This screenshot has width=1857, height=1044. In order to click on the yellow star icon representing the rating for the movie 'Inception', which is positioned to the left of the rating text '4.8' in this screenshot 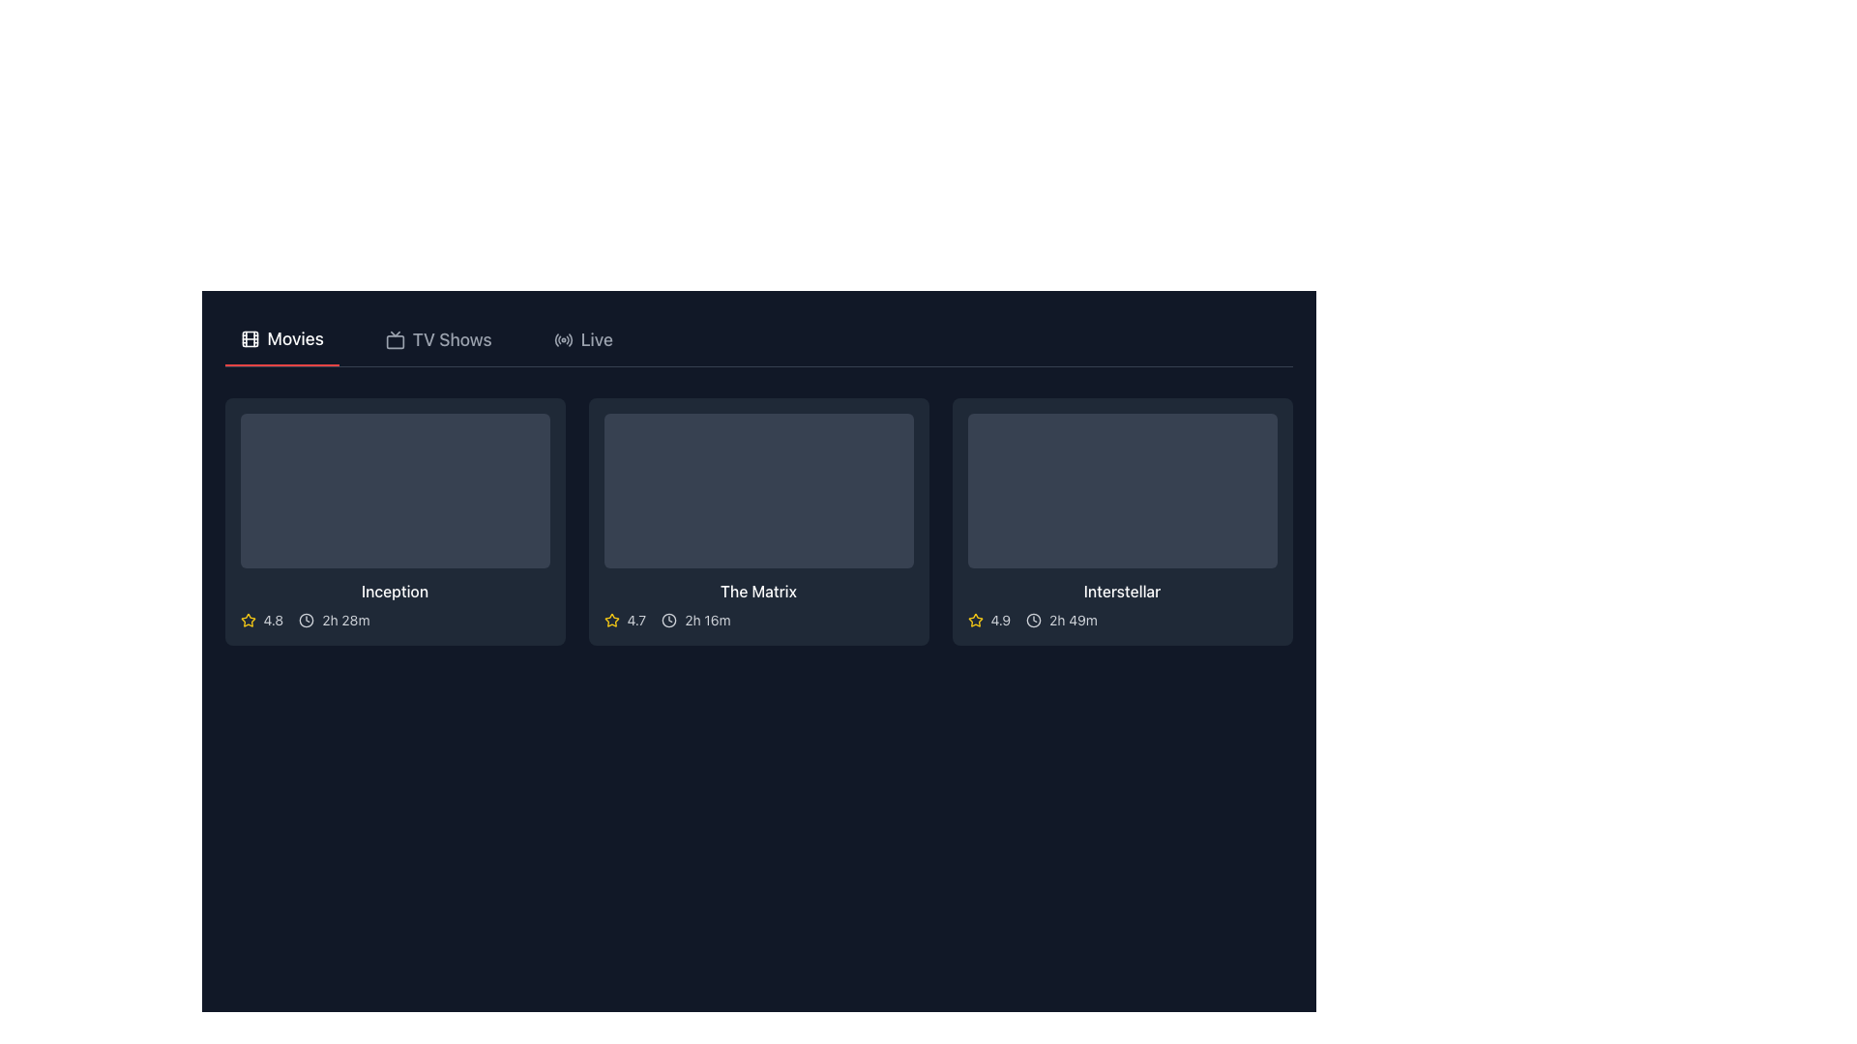, I will do `click(247, 620)`.